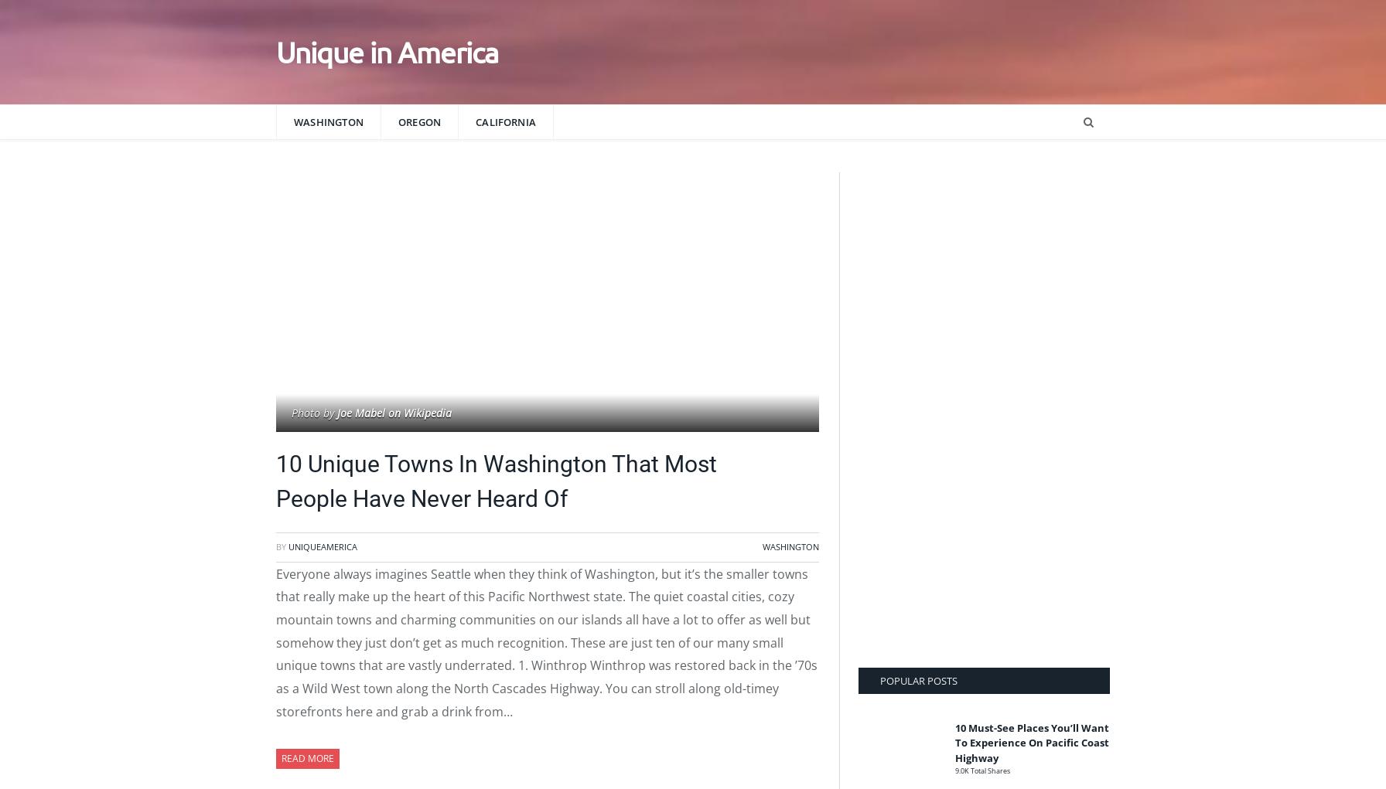  What do you see at coordinates (546, 641) in the screenshot?
I see `'Everyone always imagines Seattle when they think of Washington, but it’s the smaller towns that really make up the heart of this Pacific Northwest state. The quiet coastal cities, cozy mountain towns and charming communities on our islands all have a lot to offer as well but somehow they just don’t get as much recognition. These are just ten of our many small unique towns that are vastly underrated. 1. Winthrop Winthrop was restored back in the ’70s as a Wild West town along the North Cascades Highway. You can stroll along old-timey storefronts here and grab a drink from…'` at bounding box center [546, 641].